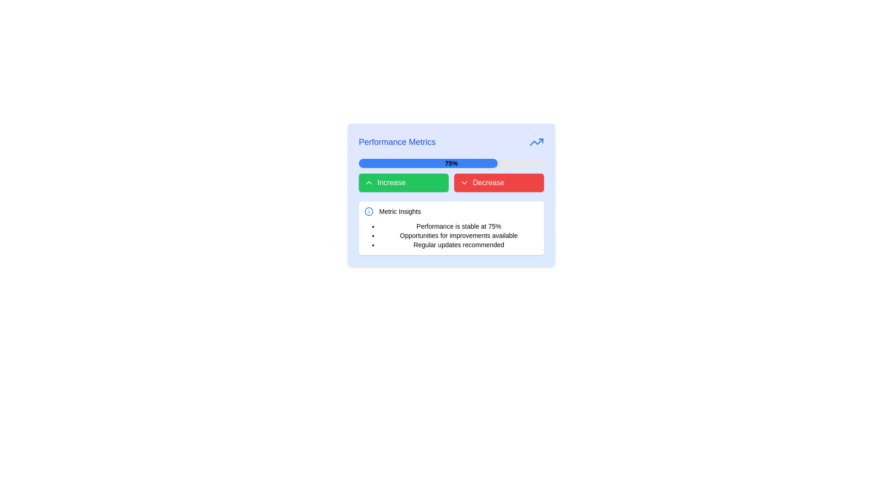 This screenshot has height=500, width=889. I want to click on the small blue circle within the SVG graphic that is part of the information icon, located towards the top-left portion of the window, so click(368, 211).